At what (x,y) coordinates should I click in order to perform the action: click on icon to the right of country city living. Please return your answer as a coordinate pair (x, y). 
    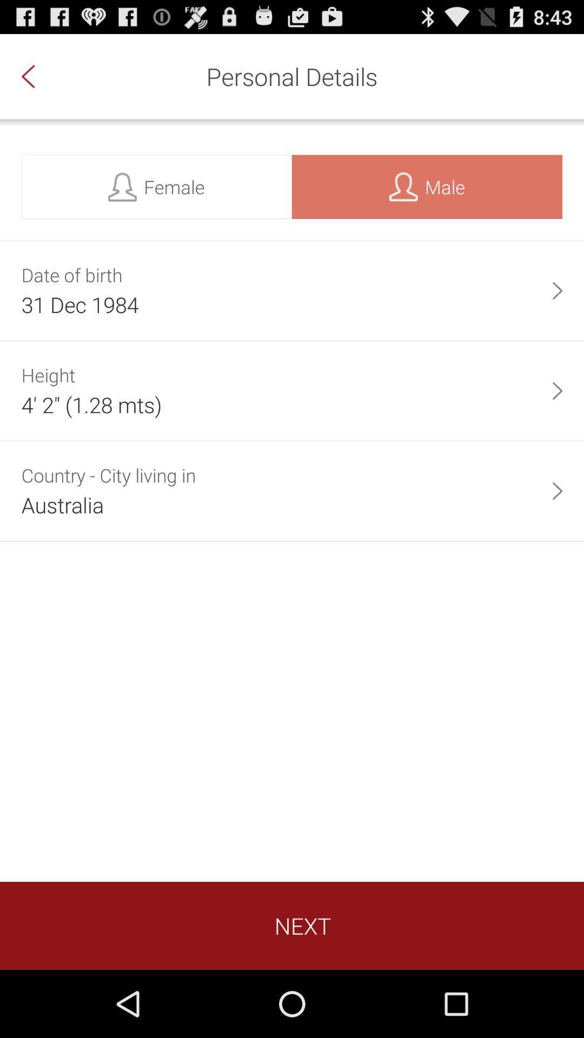
    Looking at the image, I should click on (557, 490).